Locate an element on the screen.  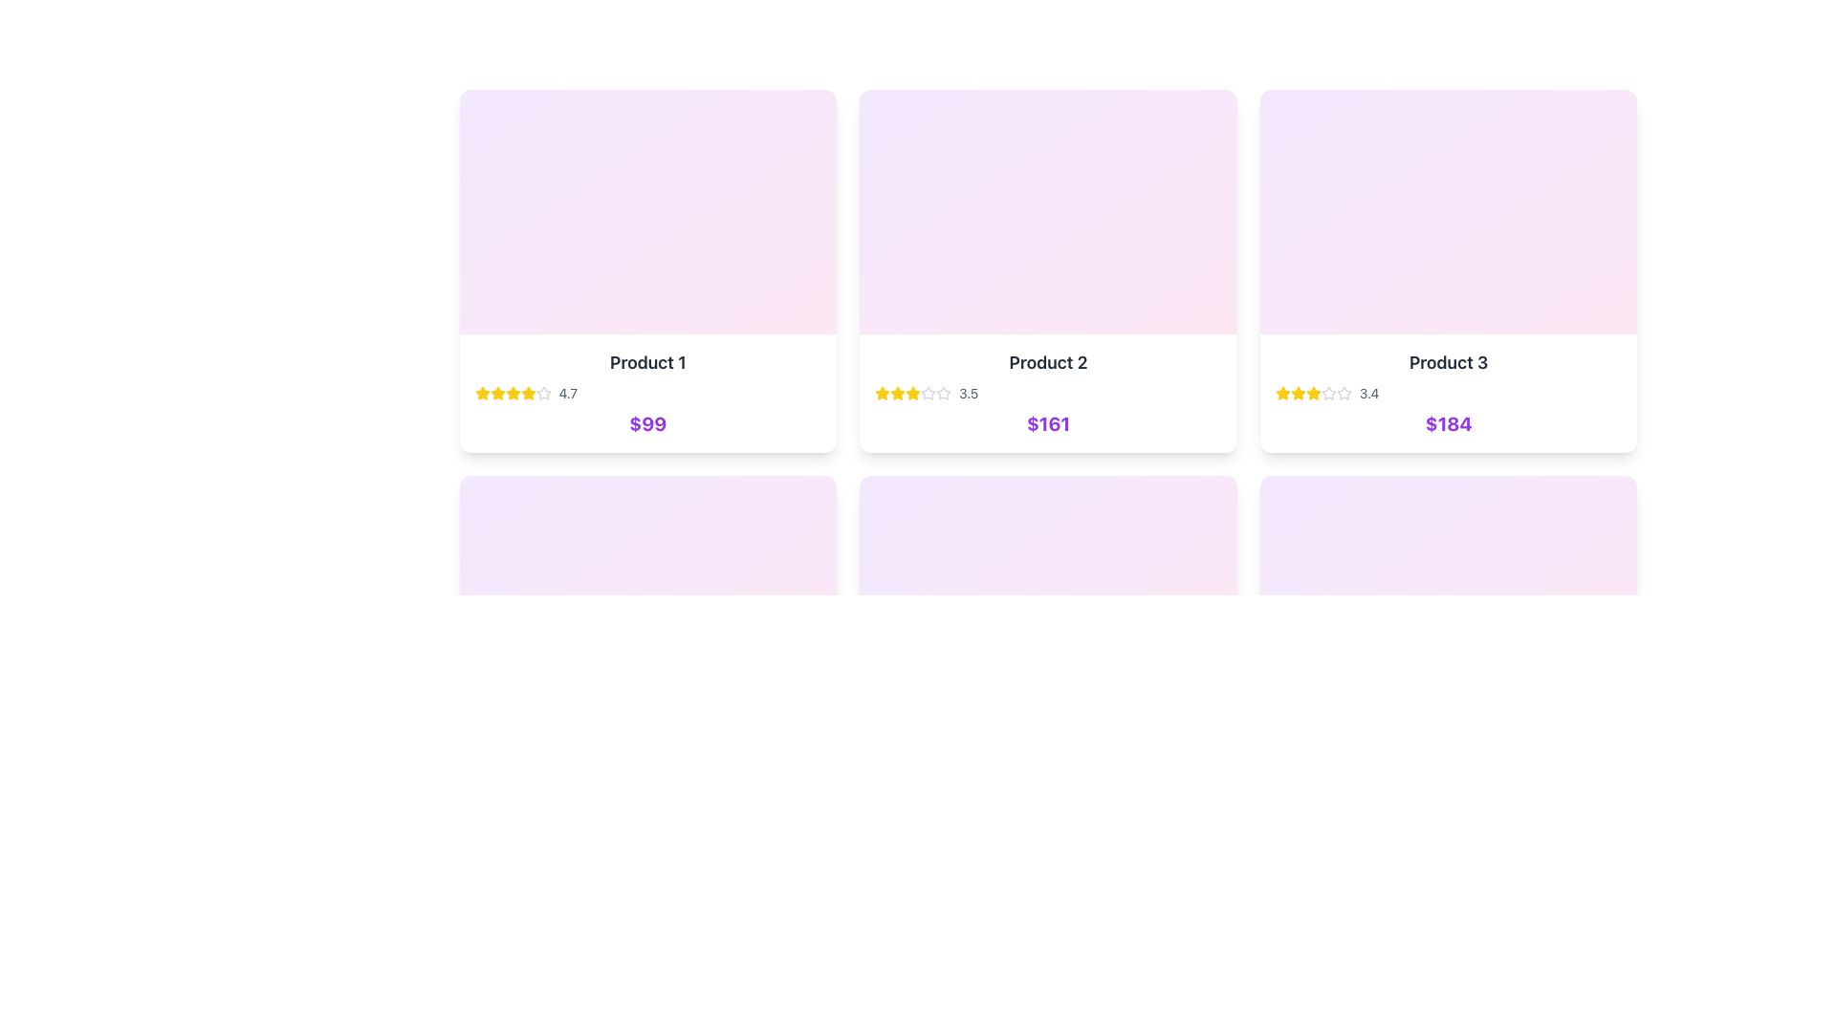
the fifth star icon representing a rating of 3.4 stars out of 5 in the rating section of the third product card is located at coordinates (1343, 393).